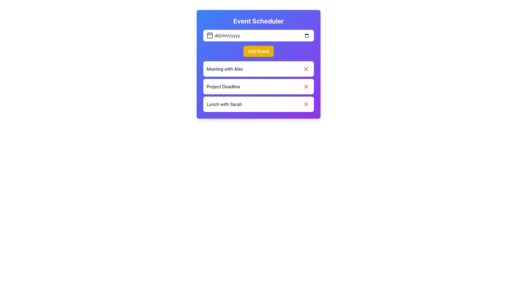  What do you see at coordinates (209, 35) in the screenshot?
I see `the main body area of the calendar icon, specifically the SVG rectangle that forms the primary square in its design` at bounding box center [209, 35].